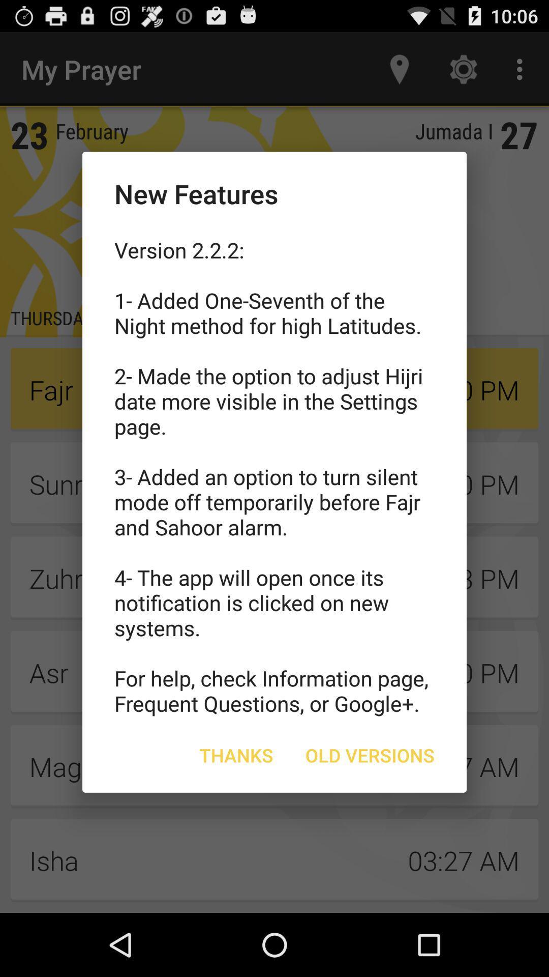 The image size is (549, 977). What do you see at coordinates (370, 755) in the screenshot?
I see `item to the right of thanks icon` at bounding box center [370, 755].